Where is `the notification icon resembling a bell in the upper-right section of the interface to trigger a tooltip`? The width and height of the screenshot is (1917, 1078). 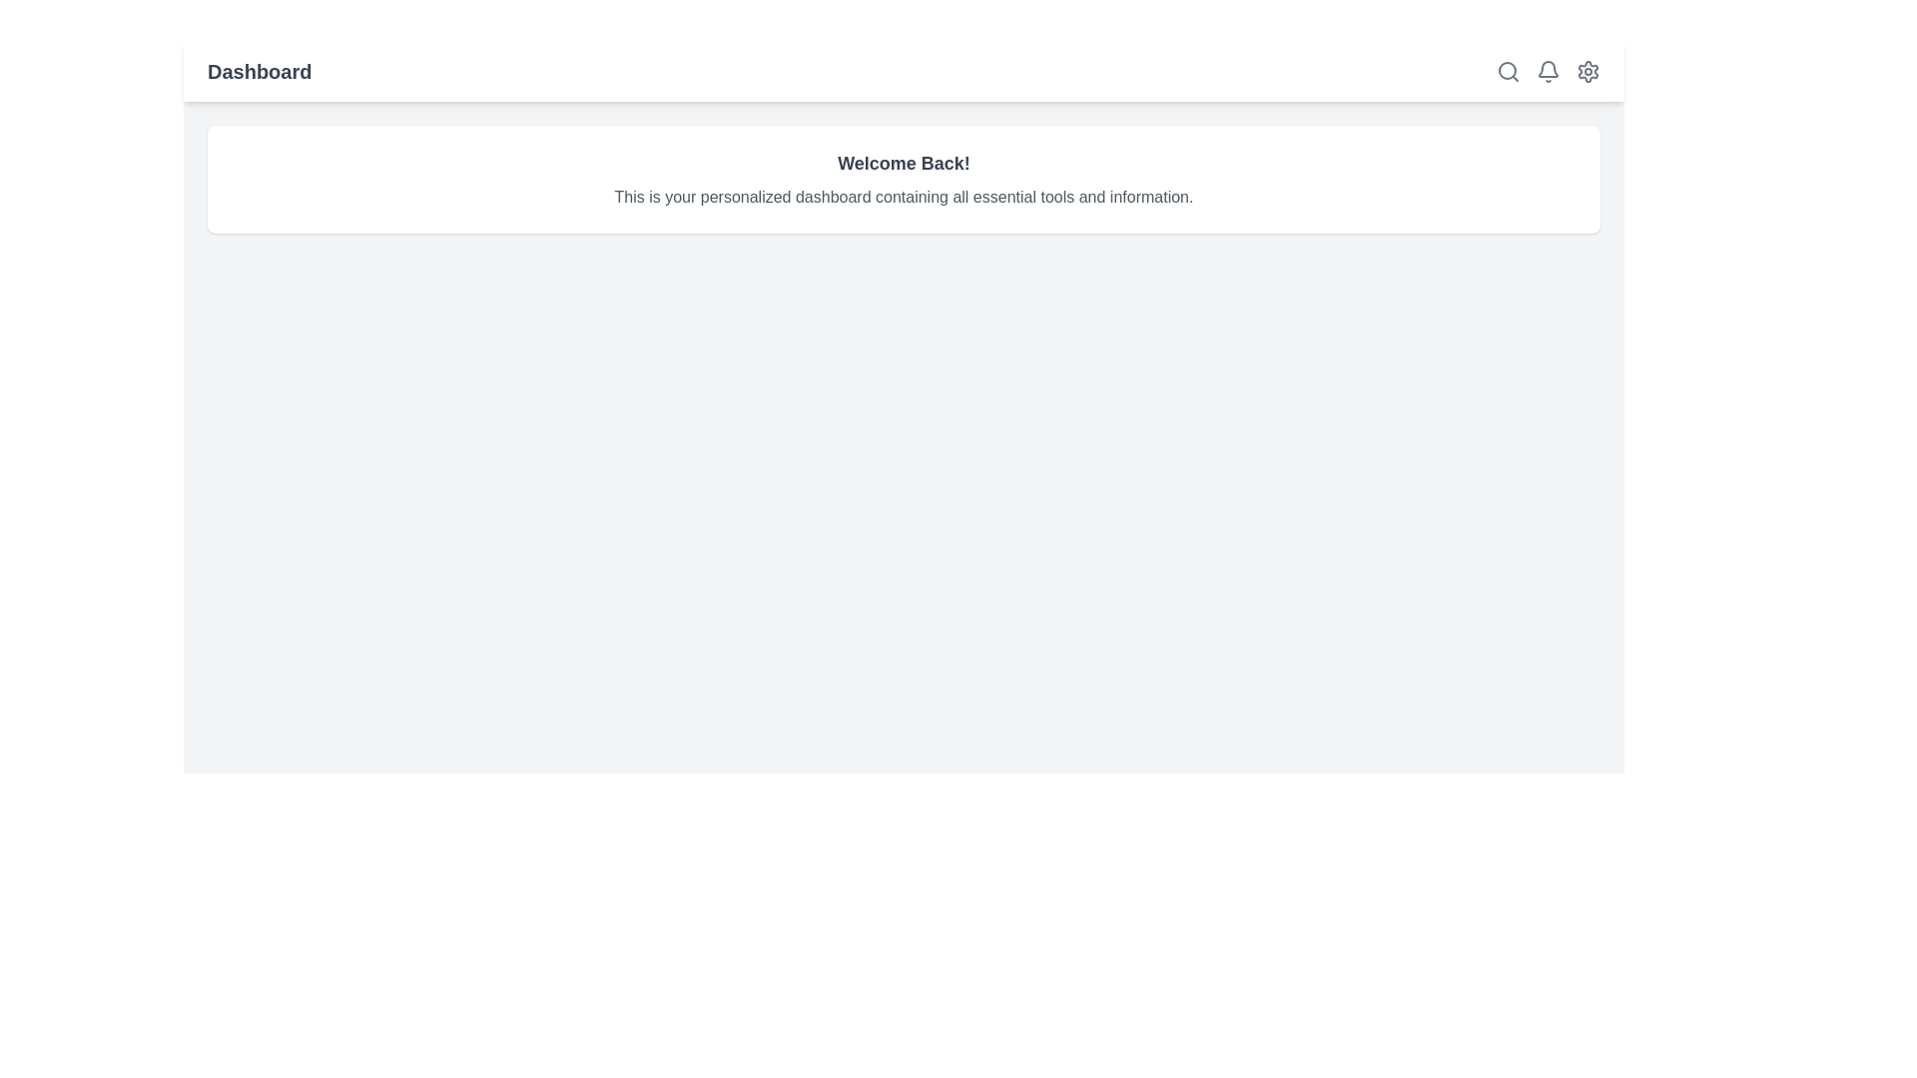
the notification icon resembling a bell in the upper-right section of the interface to trigger a tooltip is located at coordinates (1547, 71).